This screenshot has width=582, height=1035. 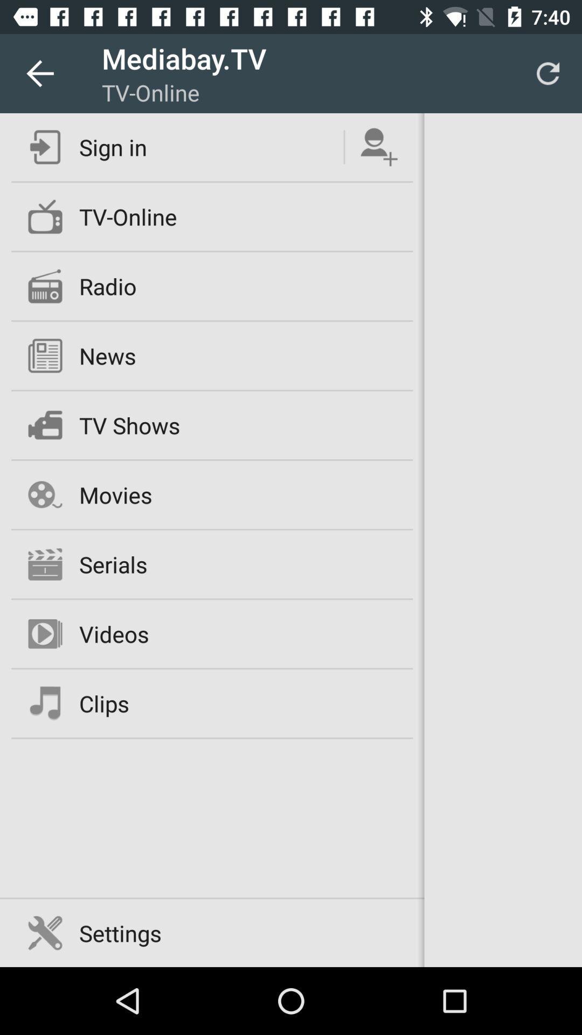 I want to click on the item next to the mediabay.tv item, so click(x=39, y=73).